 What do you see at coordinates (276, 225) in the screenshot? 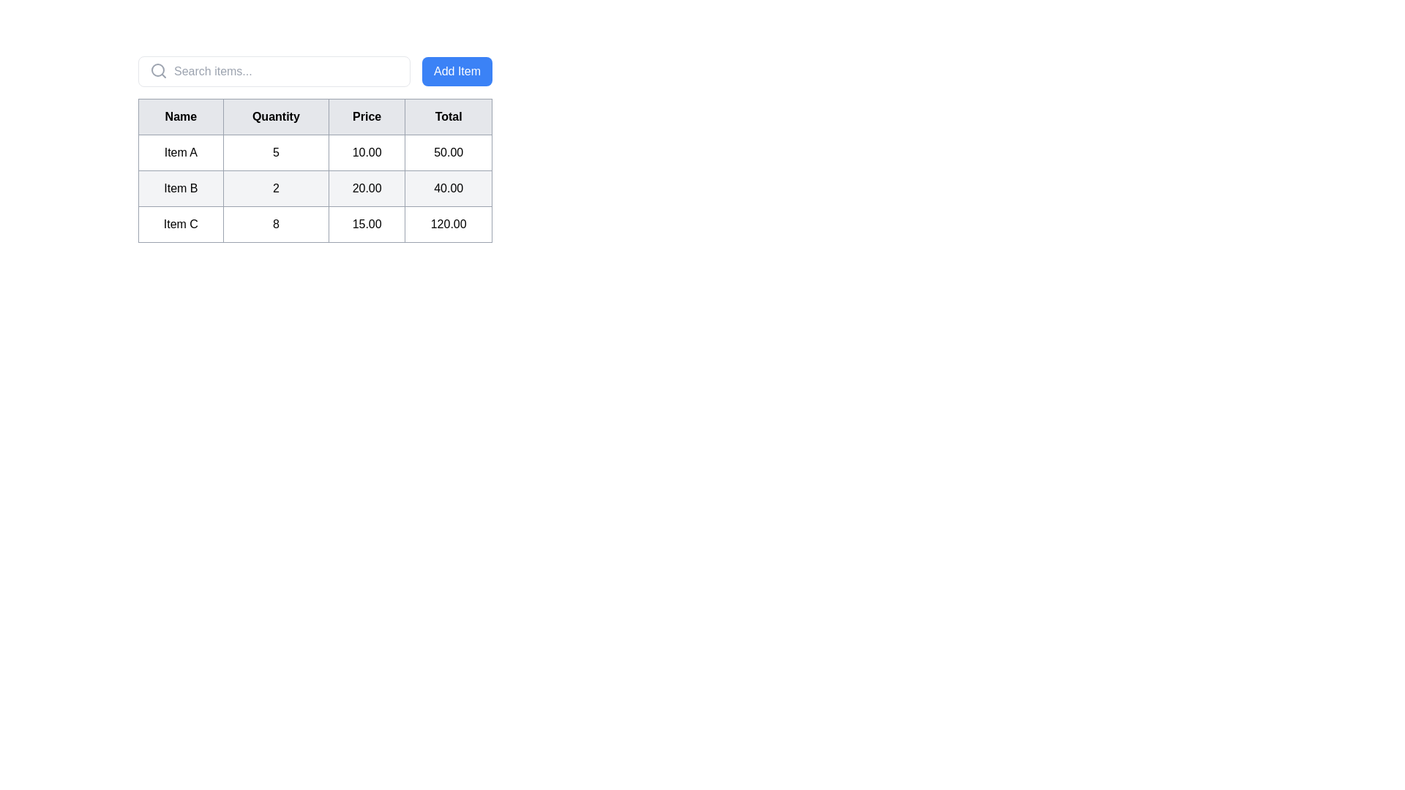
I see `the table cell displaying the numeric value '8' in the third row under the 'Quantity' column, which is bordered and centered, located between 'Item C' and '15.00'` at bounding box center [276, 225].